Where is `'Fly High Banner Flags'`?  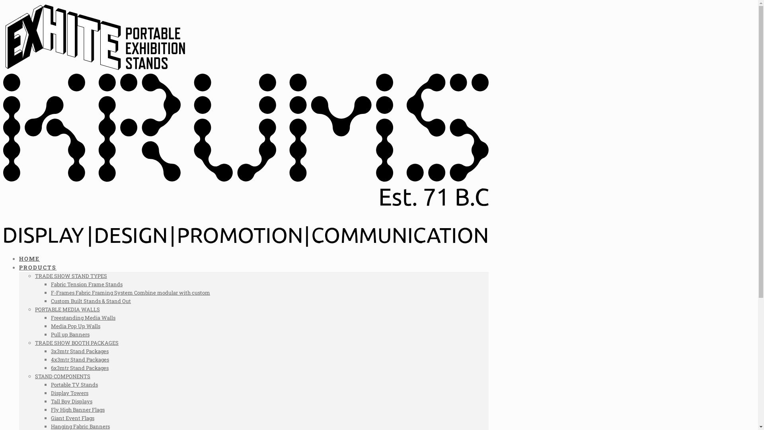
'Fly High Banner Flags' is located at coordinates (51, 410).